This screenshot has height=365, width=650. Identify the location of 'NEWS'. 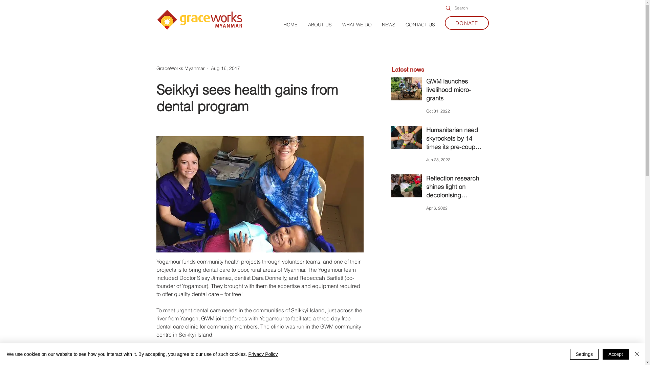
(388, 24).